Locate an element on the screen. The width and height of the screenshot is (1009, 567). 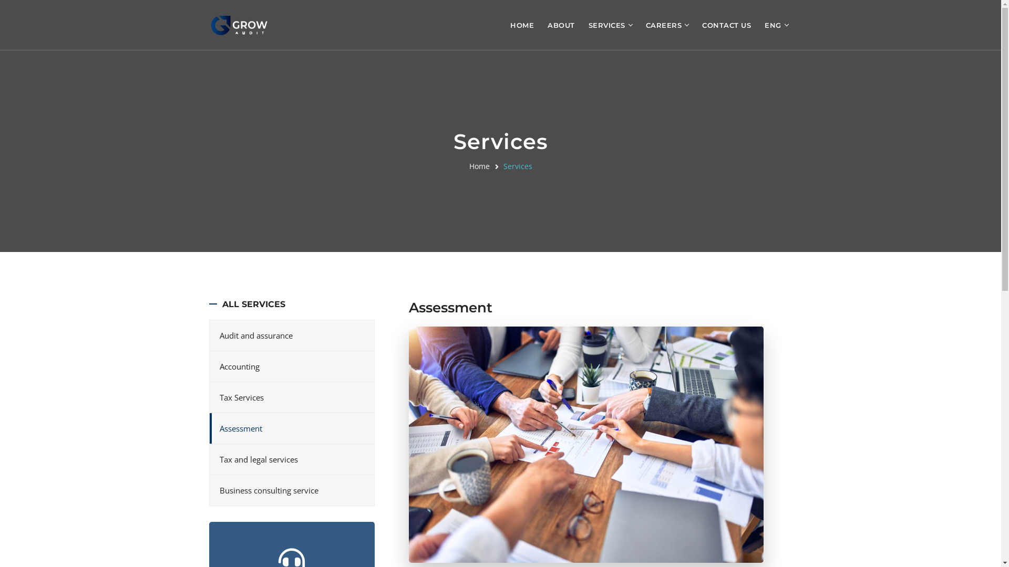
'Audit and assurance' is located at coordinates (291, 335).